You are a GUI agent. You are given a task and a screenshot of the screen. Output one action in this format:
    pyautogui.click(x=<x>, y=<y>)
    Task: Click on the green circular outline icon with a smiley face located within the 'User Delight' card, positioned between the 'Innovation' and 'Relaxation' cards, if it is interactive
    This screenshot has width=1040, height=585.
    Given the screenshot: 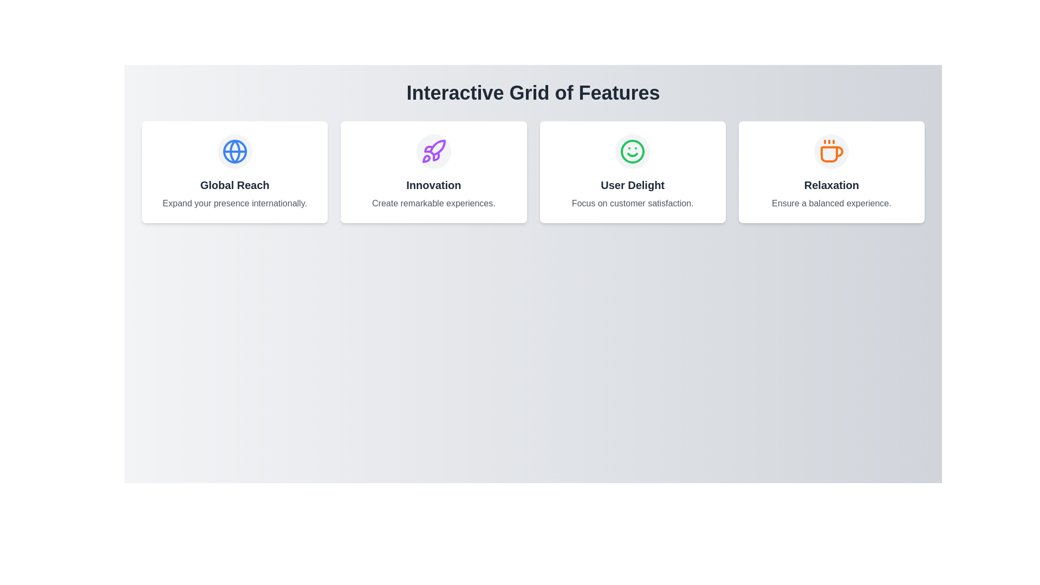 What is the action you would take?
    pyautogui.click(x=633, y=152)
    